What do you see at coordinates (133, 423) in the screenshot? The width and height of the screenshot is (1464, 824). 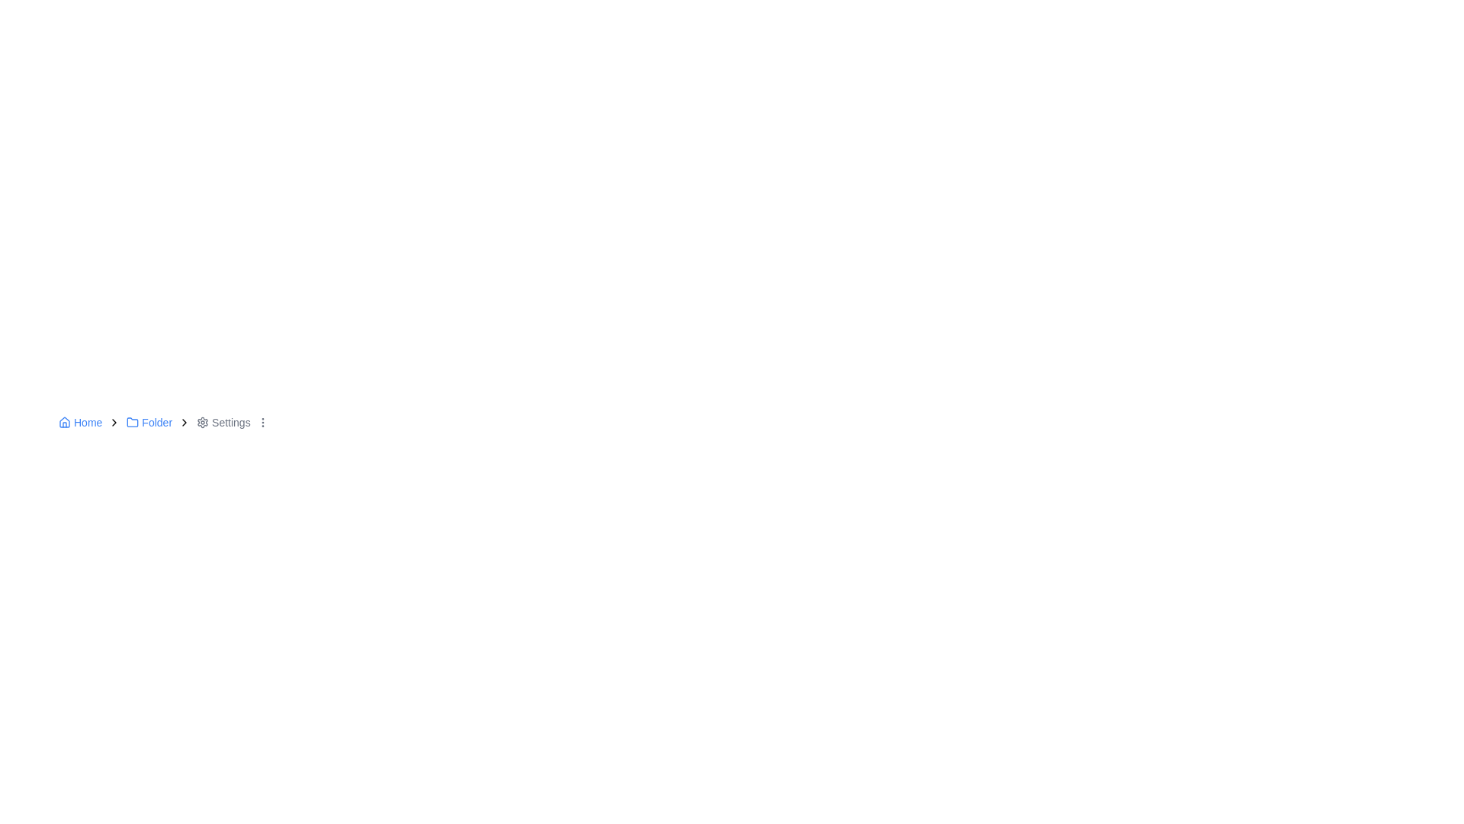 I see `the folder icon in the breadcrumb navigation that indicates the user's current location, positioned between the 'Home' icon and the 'Folder' text label` at bounding box center [133, 423].